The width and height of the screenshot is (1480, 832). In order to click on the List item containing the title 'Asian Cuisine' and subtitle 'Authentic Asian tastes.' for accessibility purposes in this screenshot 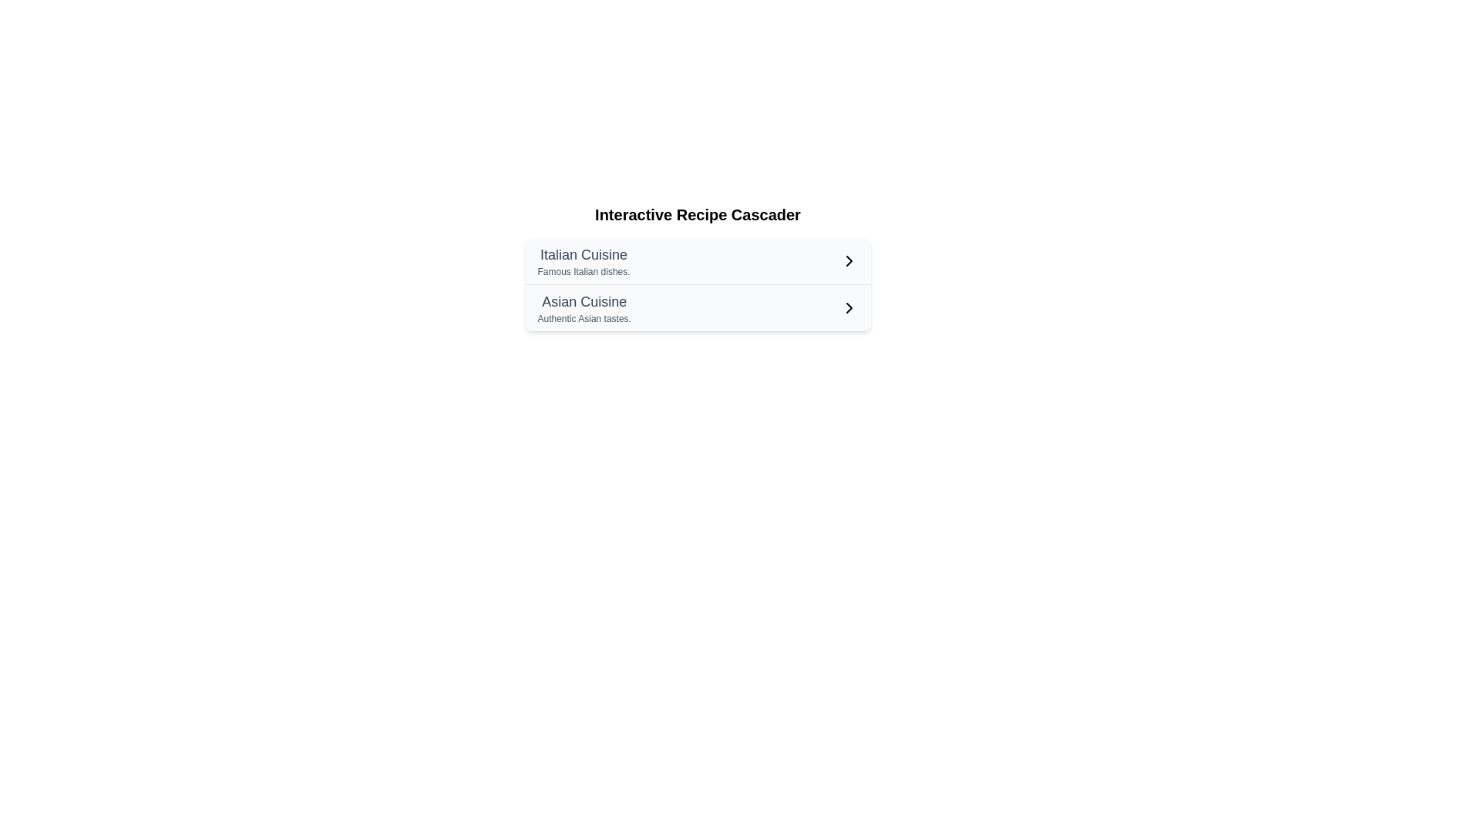, I will do `click(697, 308)`.